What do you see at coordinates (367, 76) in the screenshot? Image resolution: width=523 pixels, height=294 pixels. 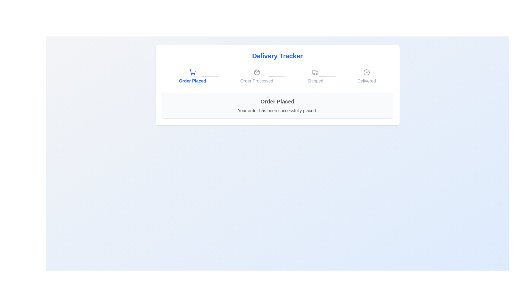 I see `the step label Delivered` at bounding box center [367, 76].